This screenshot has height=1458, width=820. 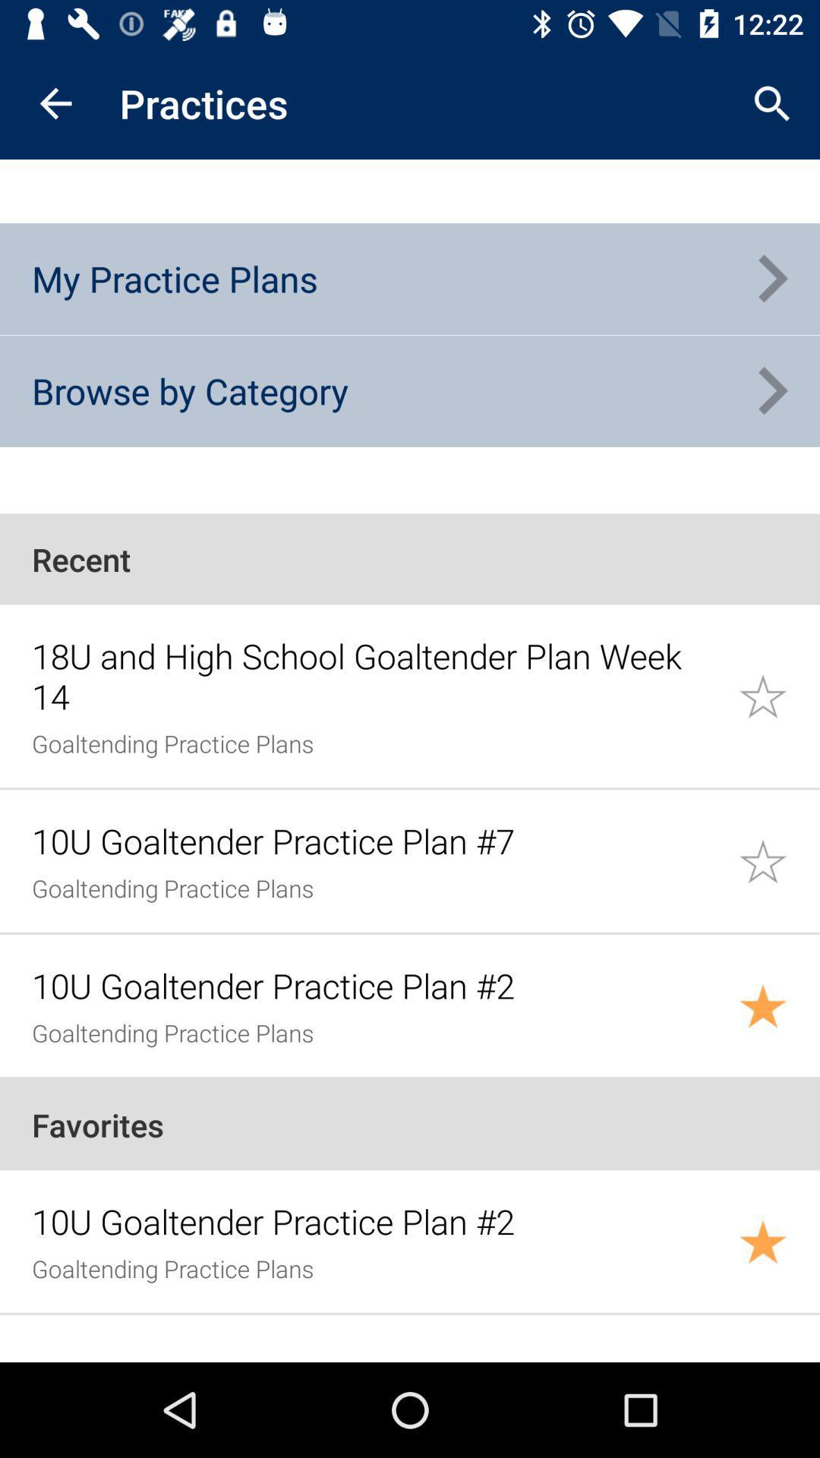 What do you see at coordinates (779, 695) in the screenshot?
I see `this practice plan` at bounding box center [779, 695].